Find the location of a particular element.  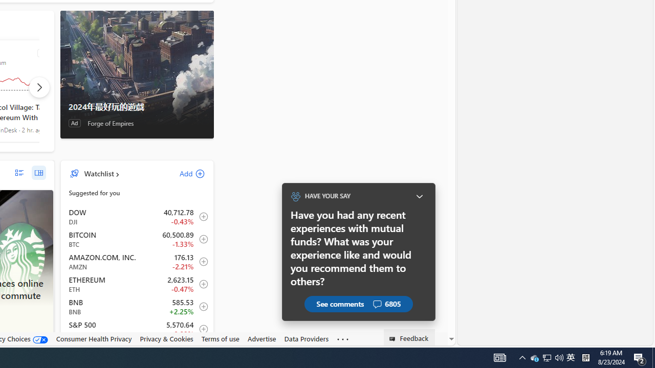

'INX S&P 500 decrease 5,570.64 -50.21 -0.89% item5' is located at coordinates (137, 329).